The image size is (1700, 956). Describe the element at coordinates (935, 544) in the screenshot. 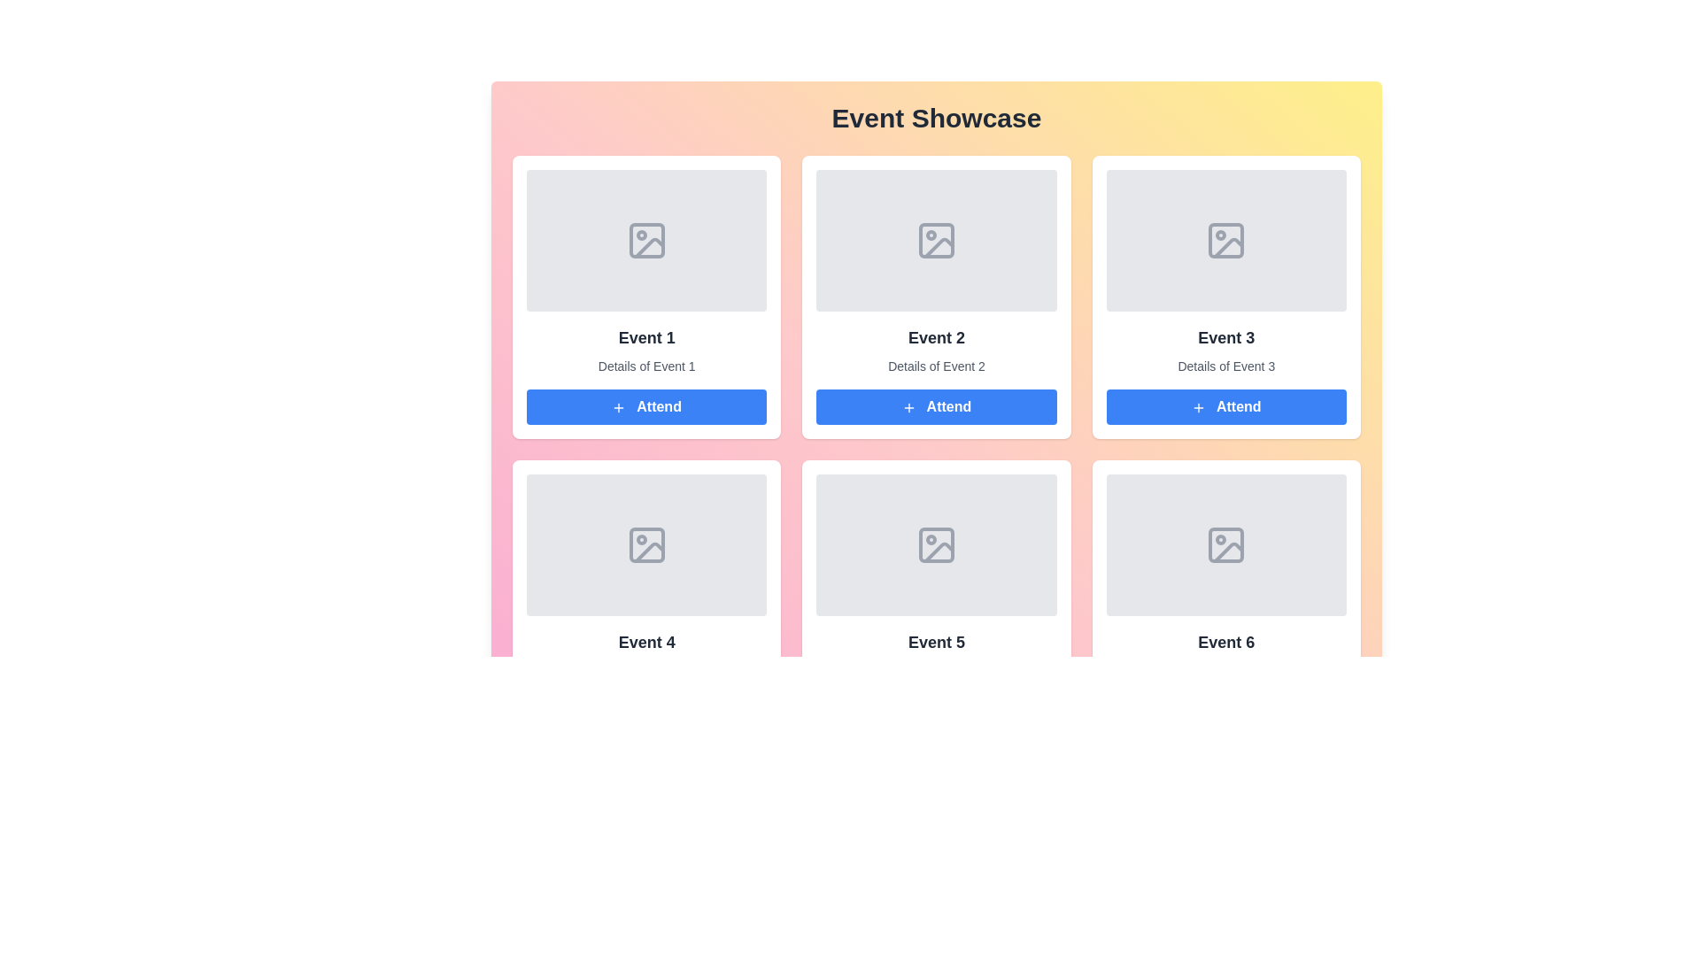

I see `the SVG icon resembling an image placeholder, which features a circle representing a sun and a slanted line representing a mountain, located in the center of a gray rectangular box in the second row, third column under Event 5` at that location.